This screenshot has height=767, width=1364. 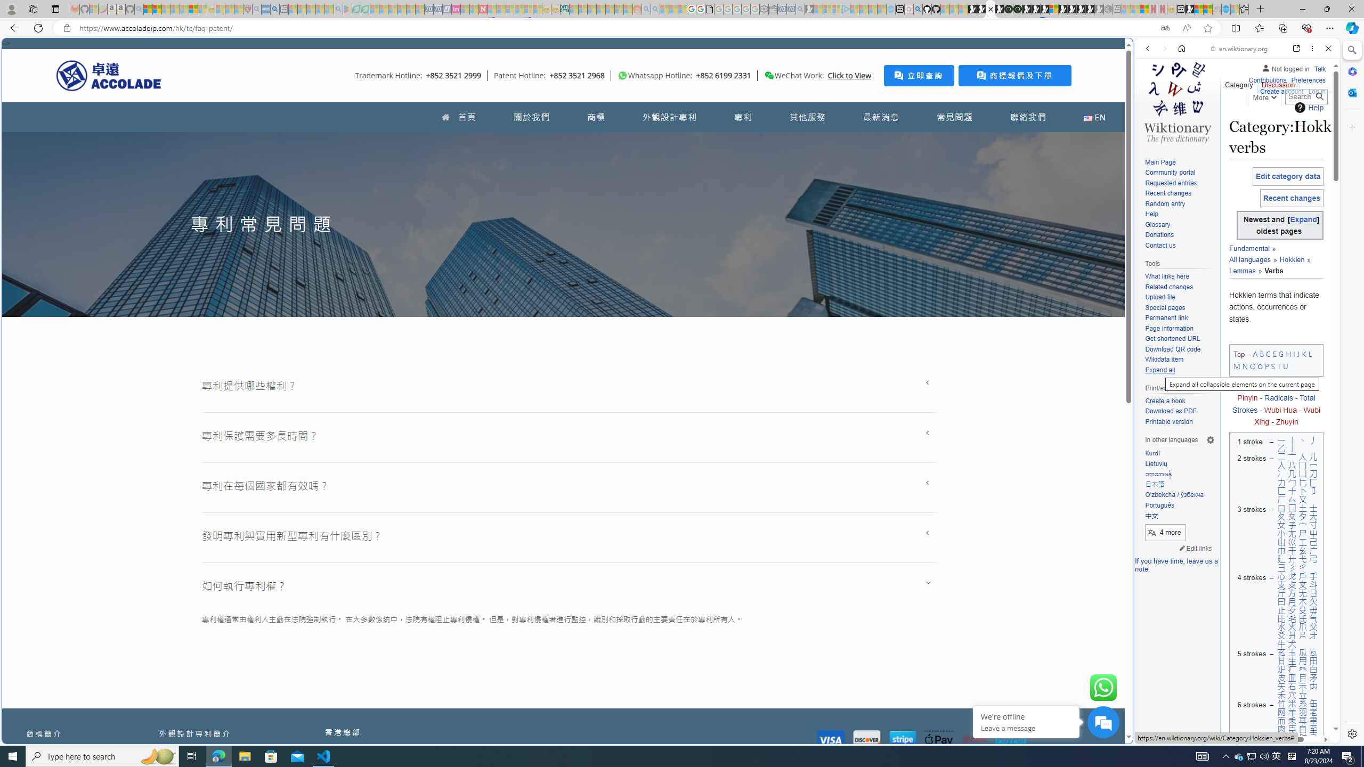 I want to click on 'Printable version', so click(x=1168, y=421).